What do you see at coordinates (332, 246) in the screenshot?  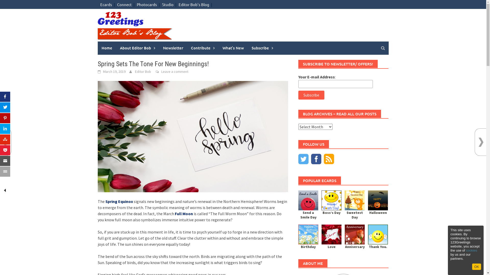 I see `'Love'` at bounding box center [332, 246].